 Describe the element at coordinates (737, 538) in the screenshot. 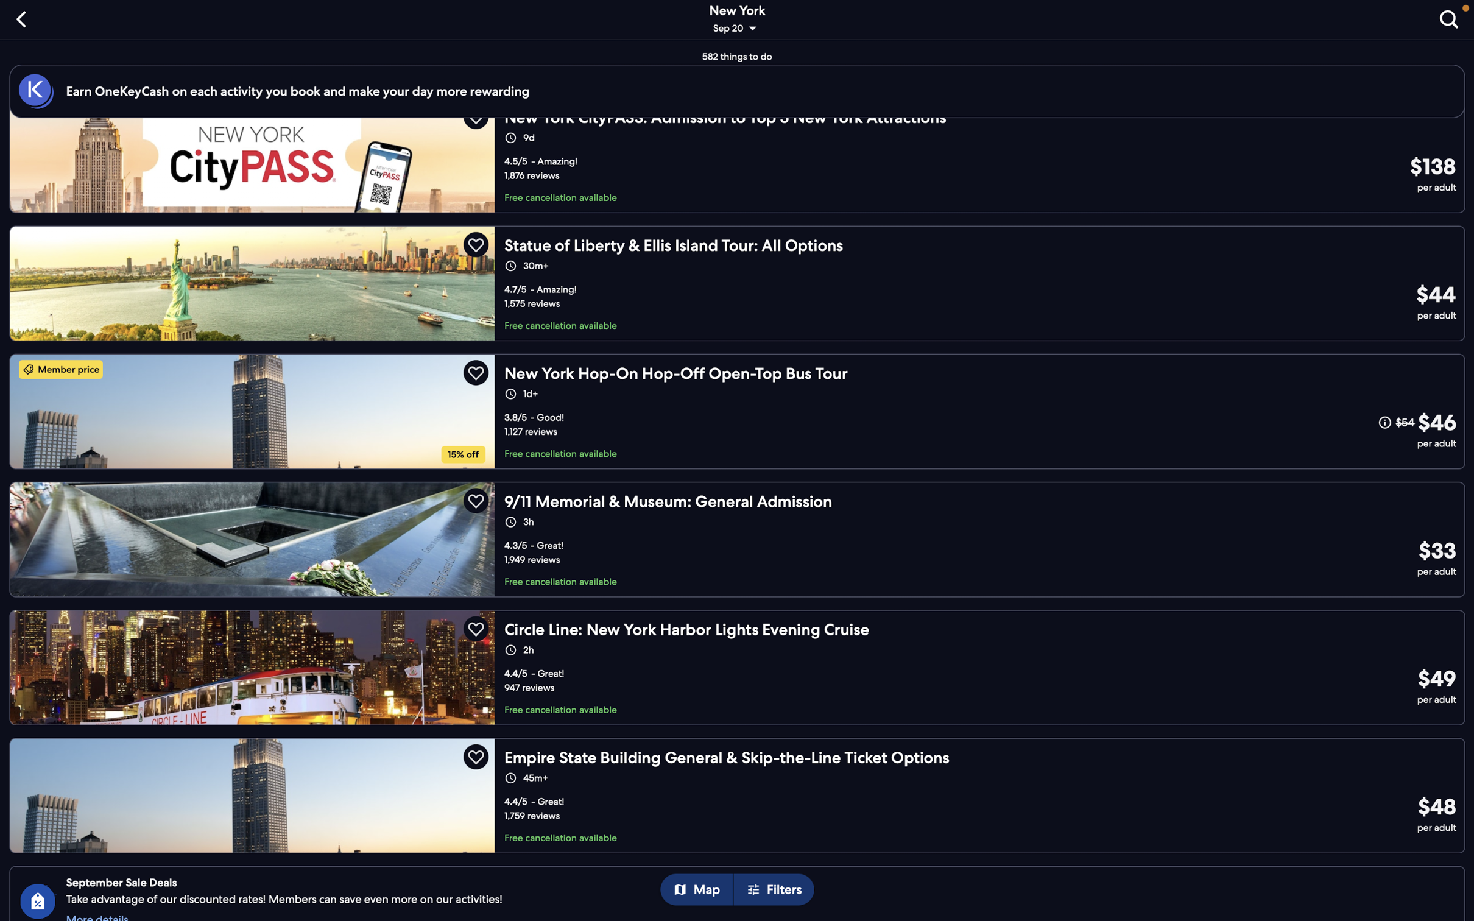

I see `Interact with the "memorial tour" button for additional details` at that location.